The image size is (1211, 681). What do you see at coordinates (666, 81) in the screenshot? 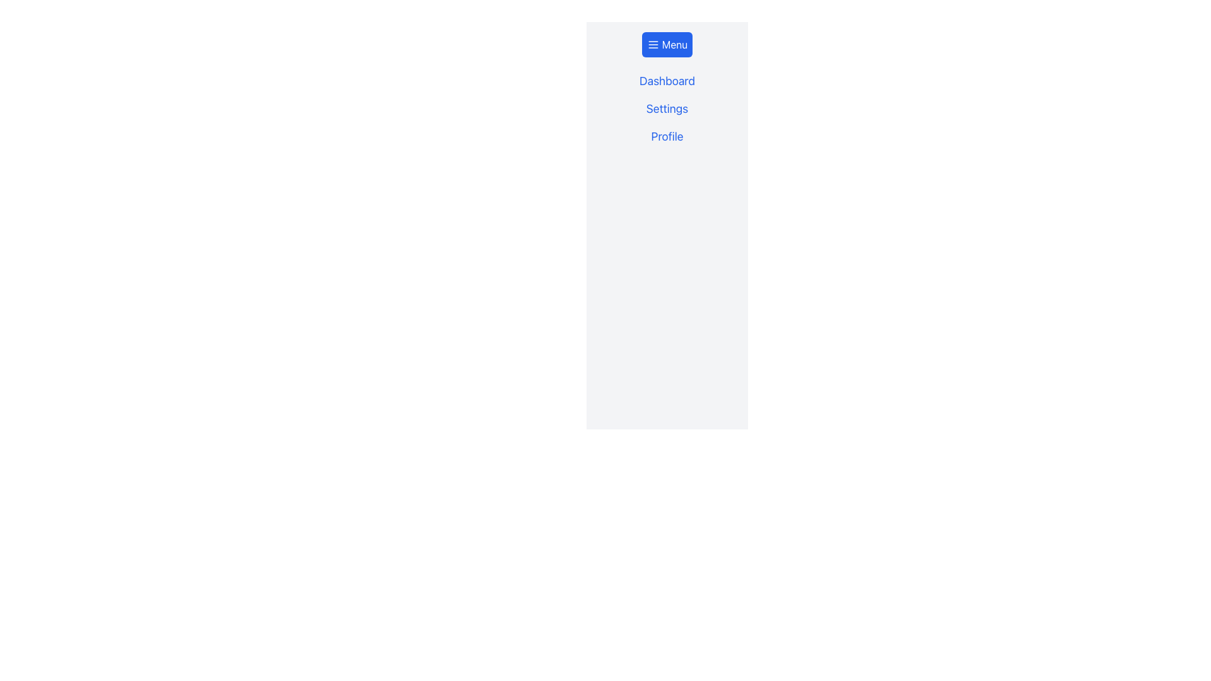
I see `the 'Dashboard' text link` at bounding box center [666, 81].